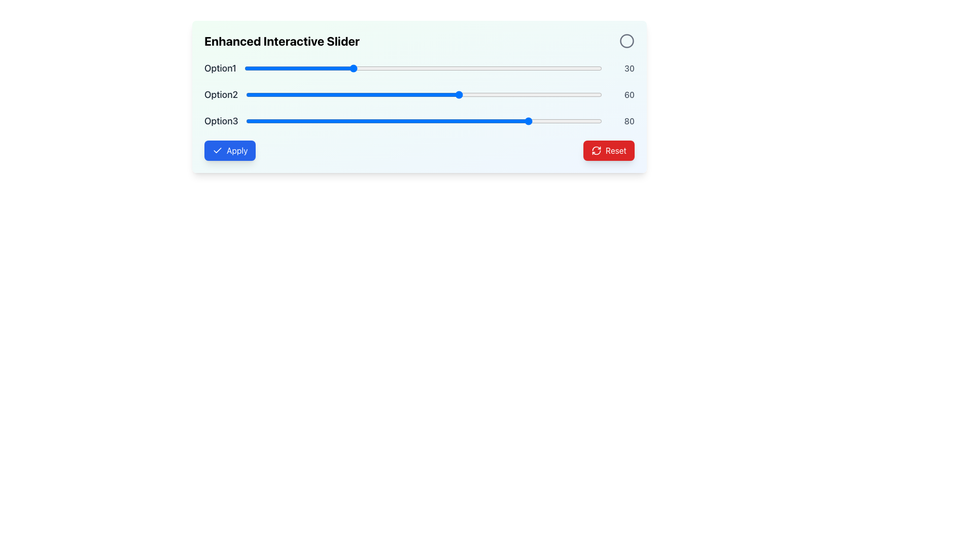 The width and height of the screenshot is (974, 548). What do you see at coordinates (373, 94) in the screenshot?
I see `the slider for 'Option2'` at bounding box center [373, 94].